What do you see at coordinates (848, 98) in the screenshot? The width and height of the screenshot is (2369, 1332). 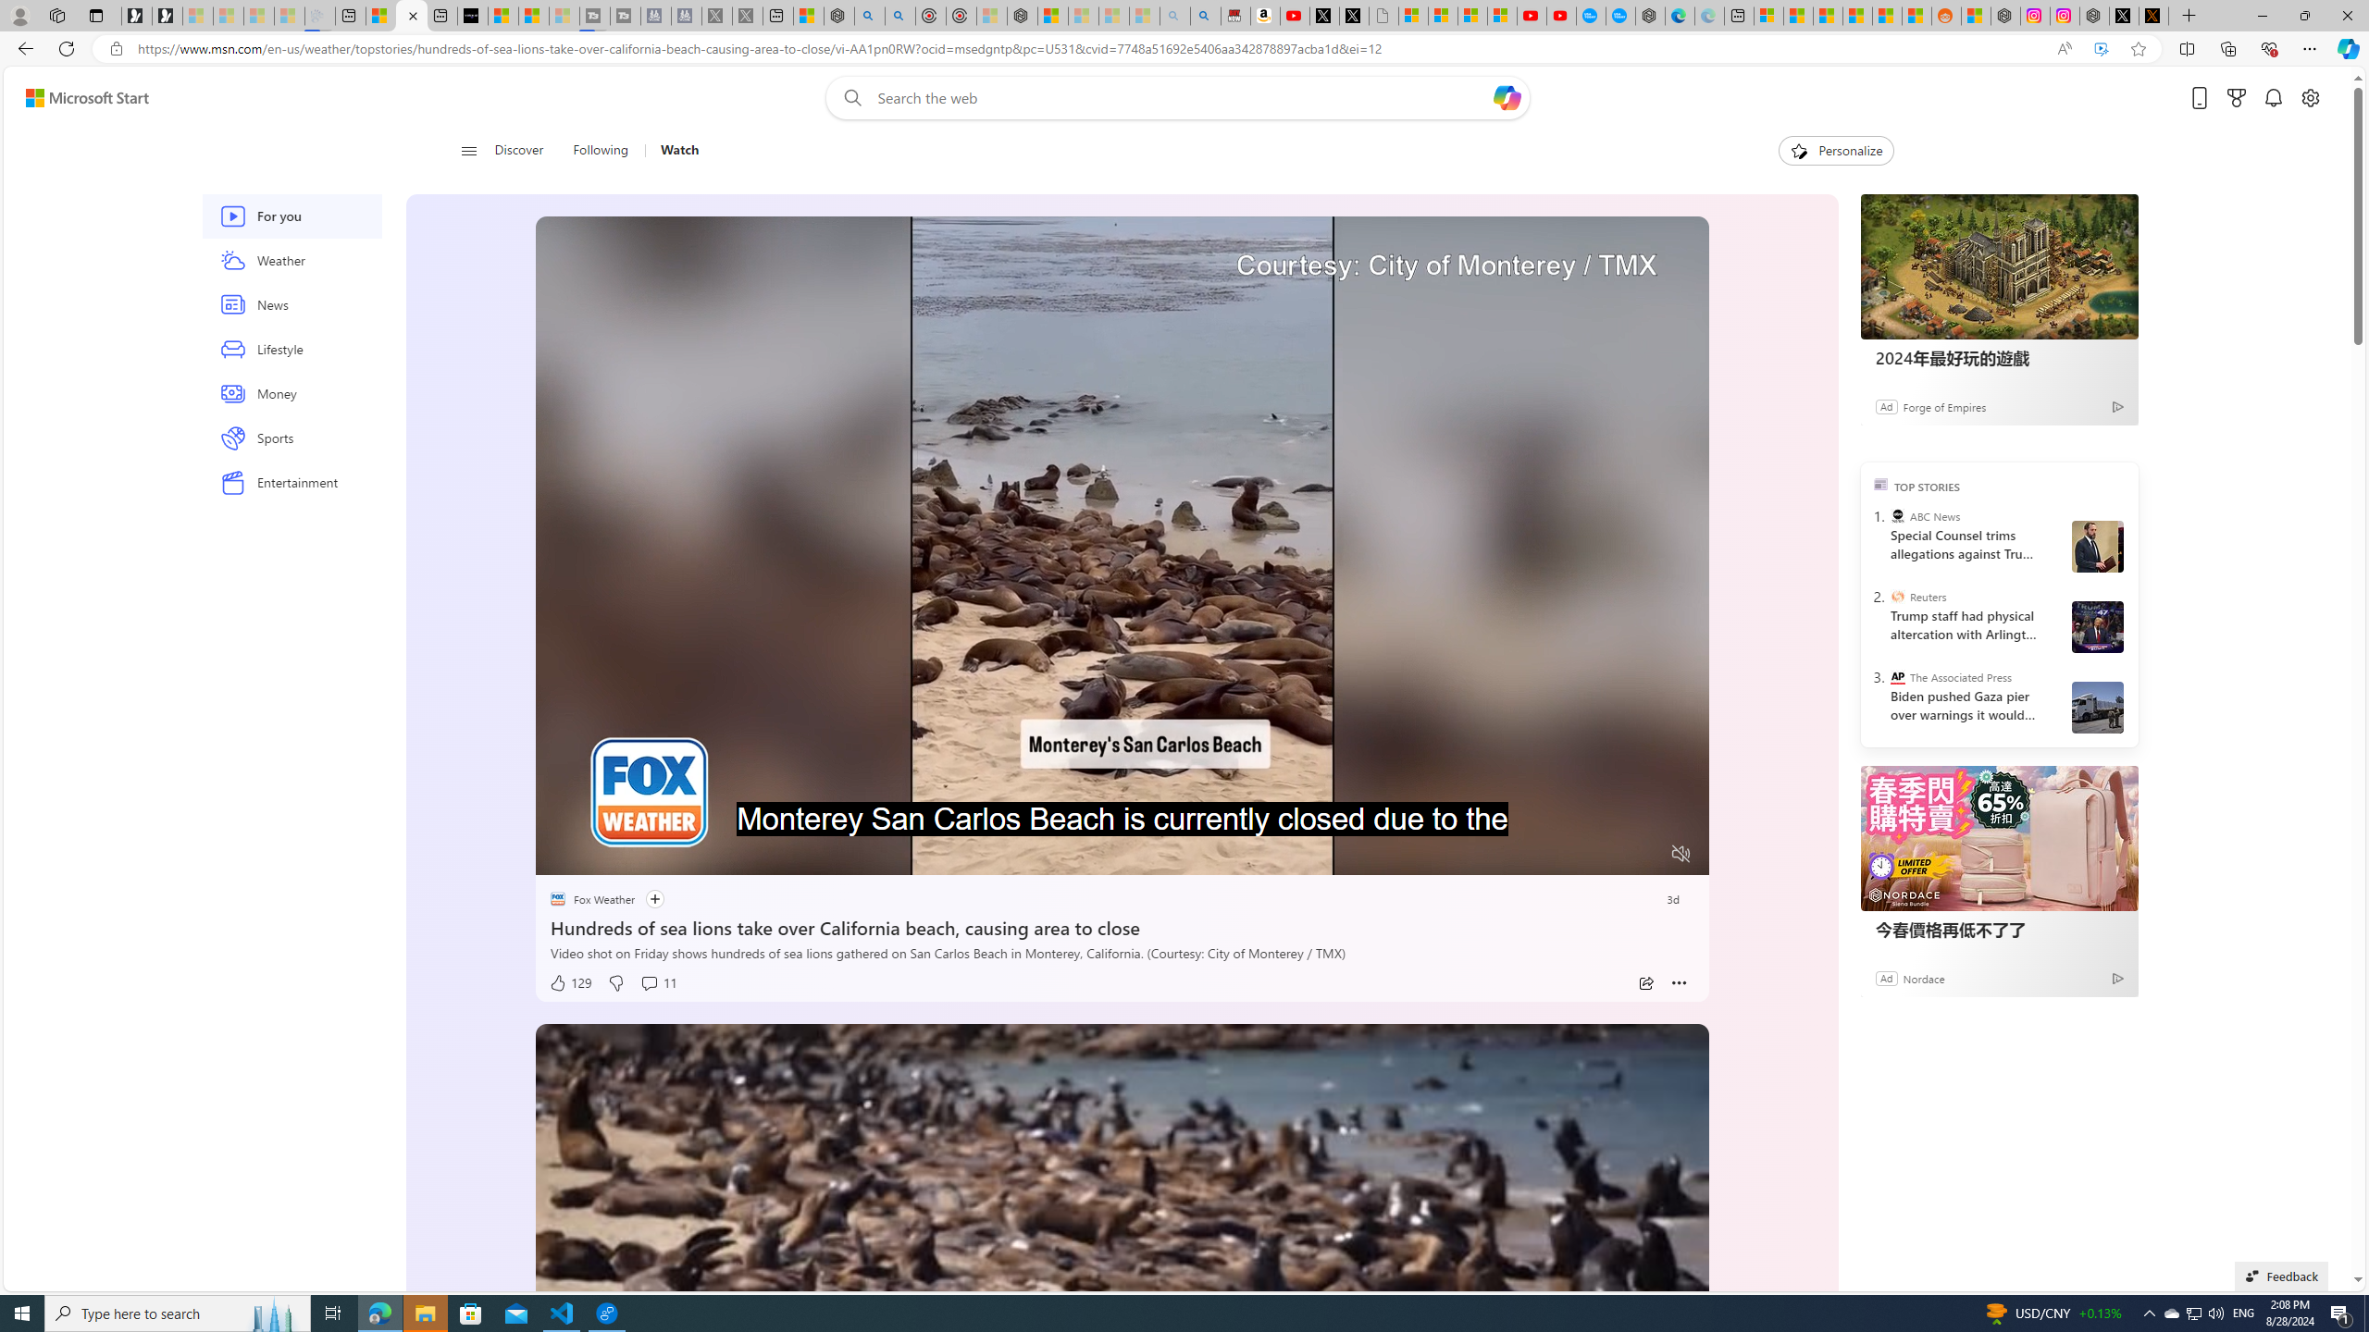 I see `'Web search'` at bounding box center [848, 98].